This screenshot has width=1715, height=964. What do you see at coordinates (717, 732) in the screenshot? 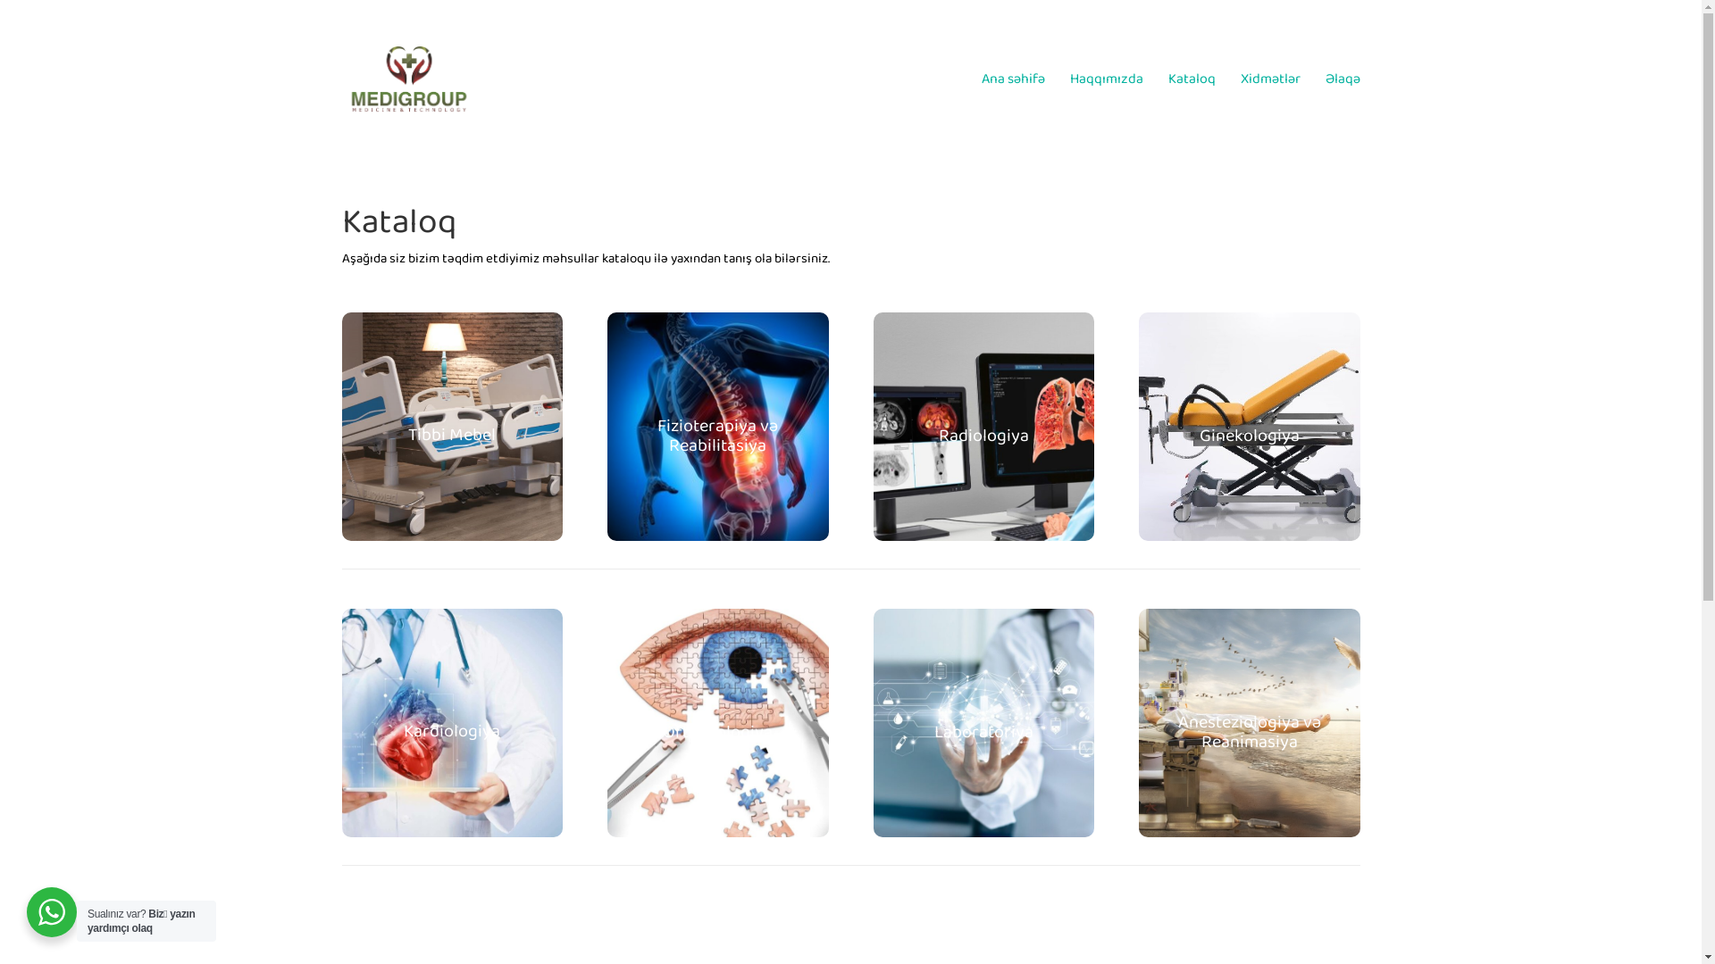
I see `'Oftalmologiya'` at bounding box center [717, 732].